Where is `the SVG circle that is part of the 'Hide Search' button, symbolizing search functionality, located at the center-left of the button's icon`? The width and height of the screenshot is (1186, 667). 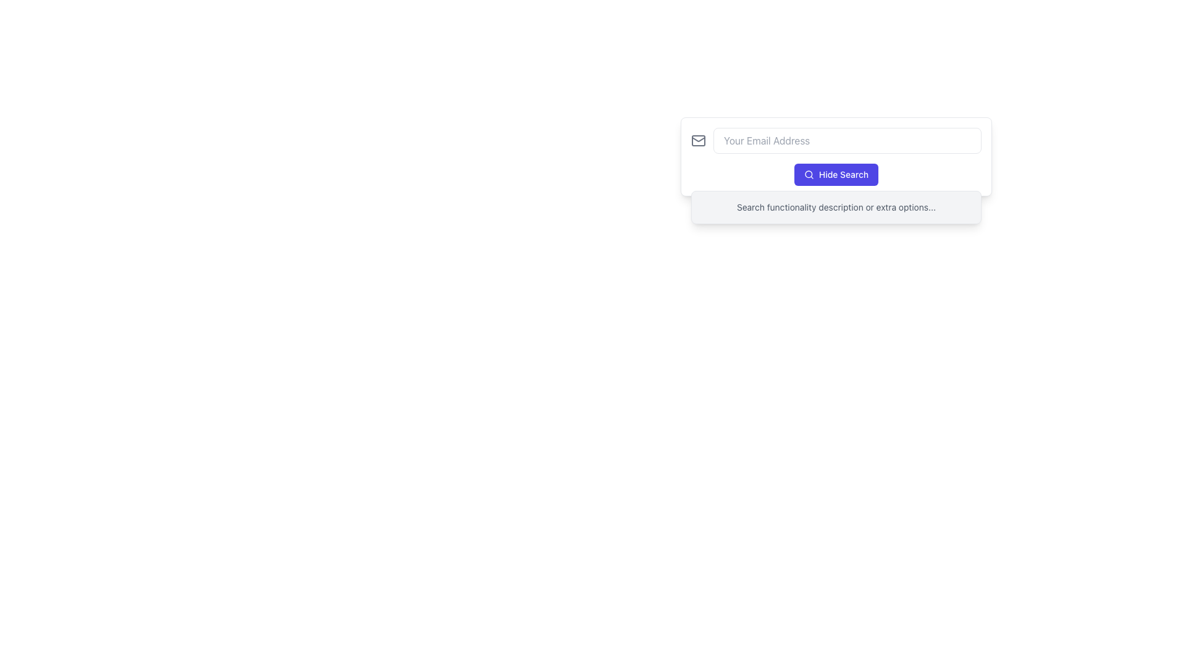 the SVG circle that is part of the 'Hide Search' button, symbolizing search functionality, located at the center-left of the button's icon is located at coordinates (809, 174).